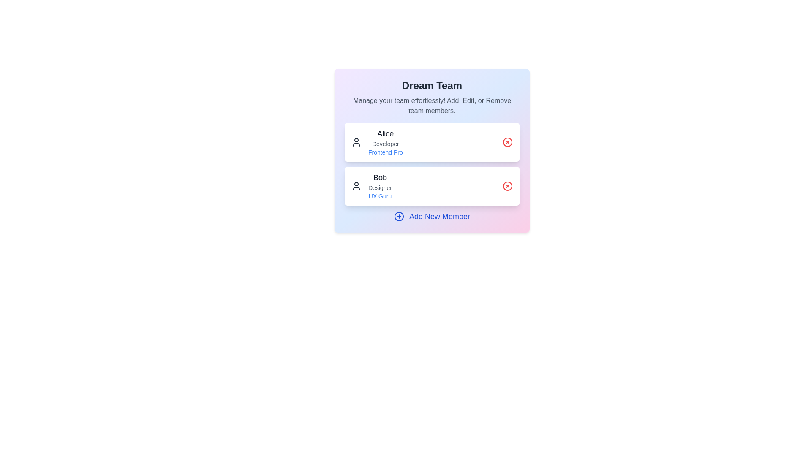  What do you see at coordinates (507, 185) in the screenshot?
I see `remove button for the team member Bob` at bounding box center [507, 185].